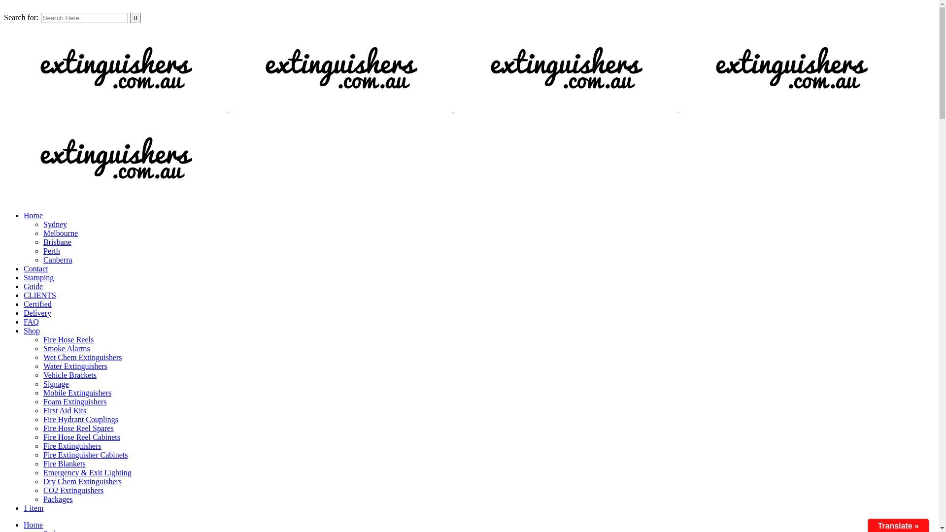 This screenshot has height=532, width=946. What do you see at coordinates (32, 331) in the screenshot?
I see `'Shop'` at bounding box center [32, 331].